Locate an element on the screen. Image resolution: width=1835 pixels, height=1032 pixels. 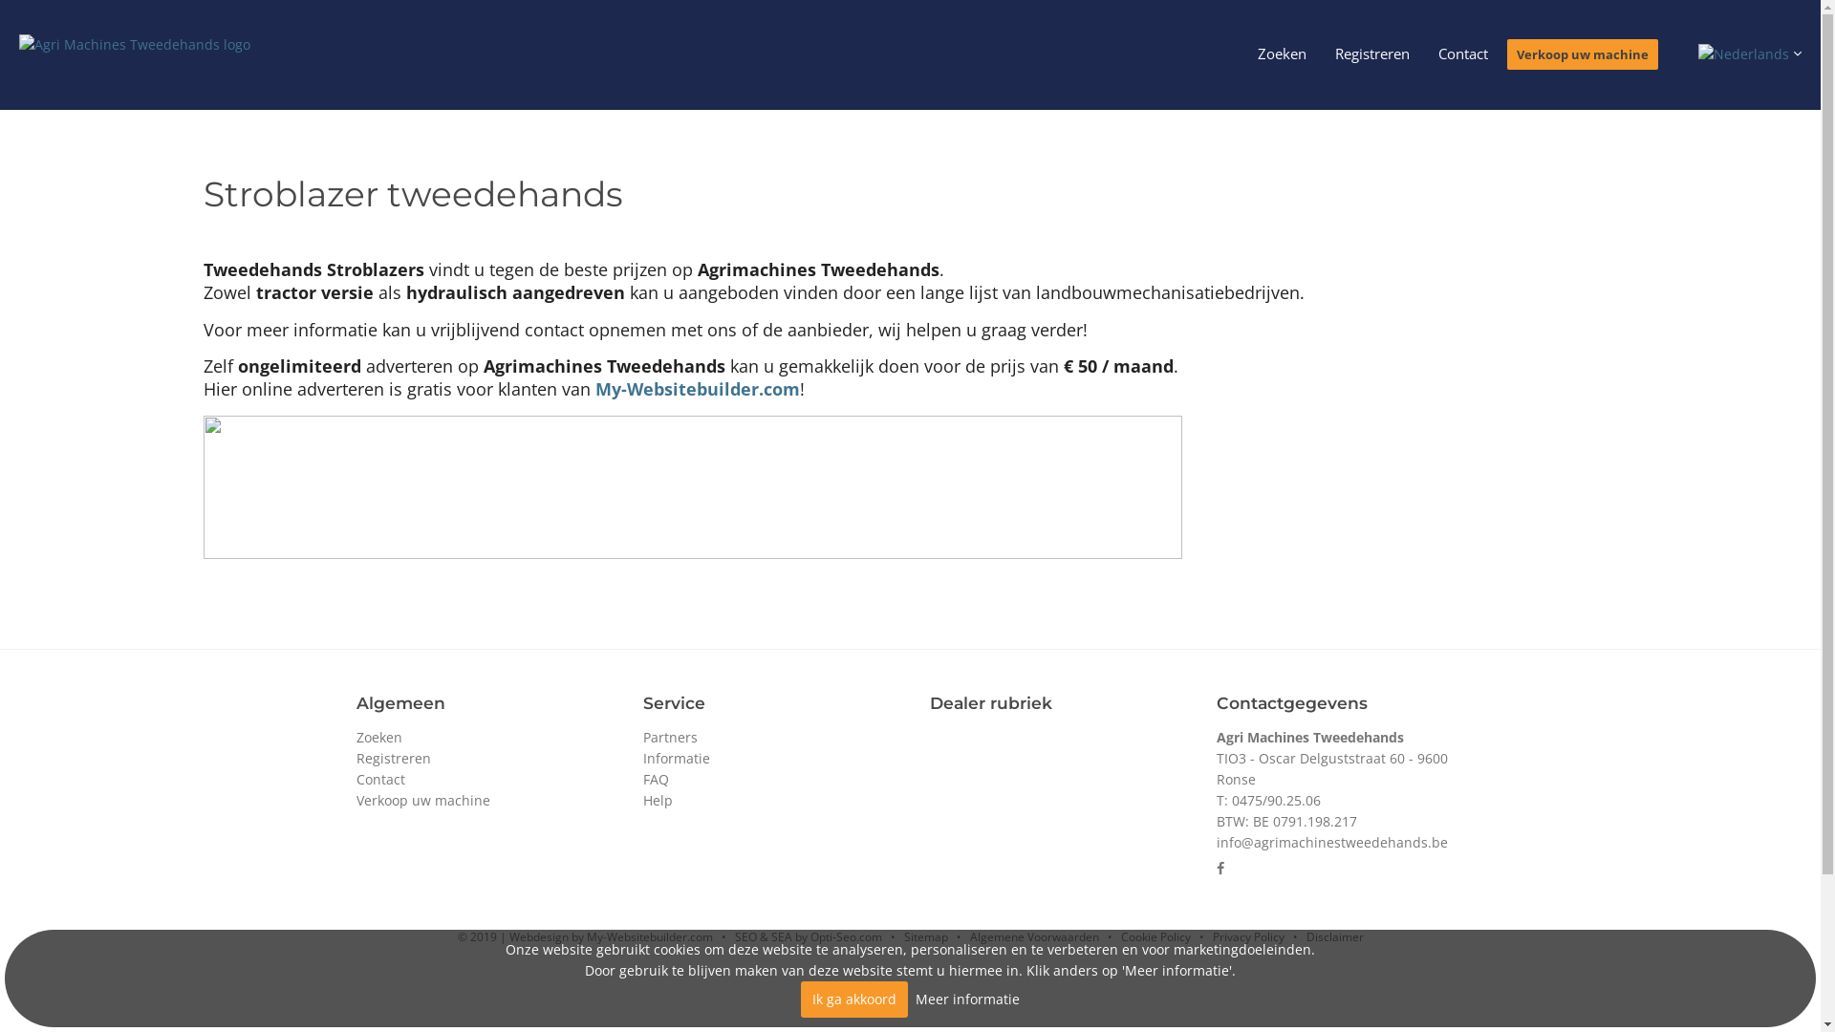
'Meer informatie' is located at coordinates (967, 998).